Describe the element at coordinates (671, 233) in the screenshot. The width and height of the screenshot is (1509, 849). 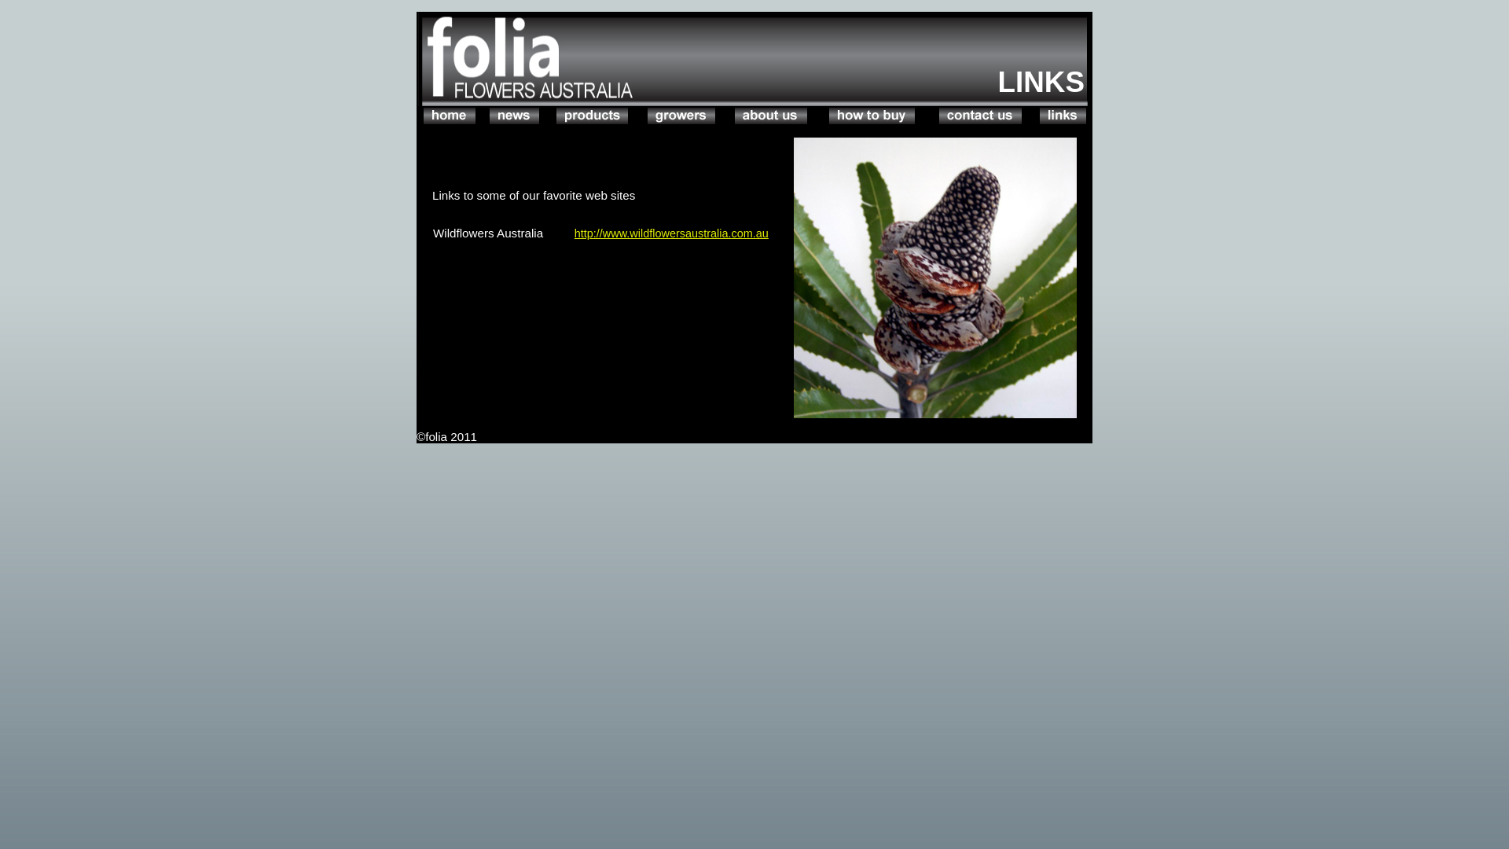
I see `'http://www.wildflowersaustralia.com.au'` at that location.